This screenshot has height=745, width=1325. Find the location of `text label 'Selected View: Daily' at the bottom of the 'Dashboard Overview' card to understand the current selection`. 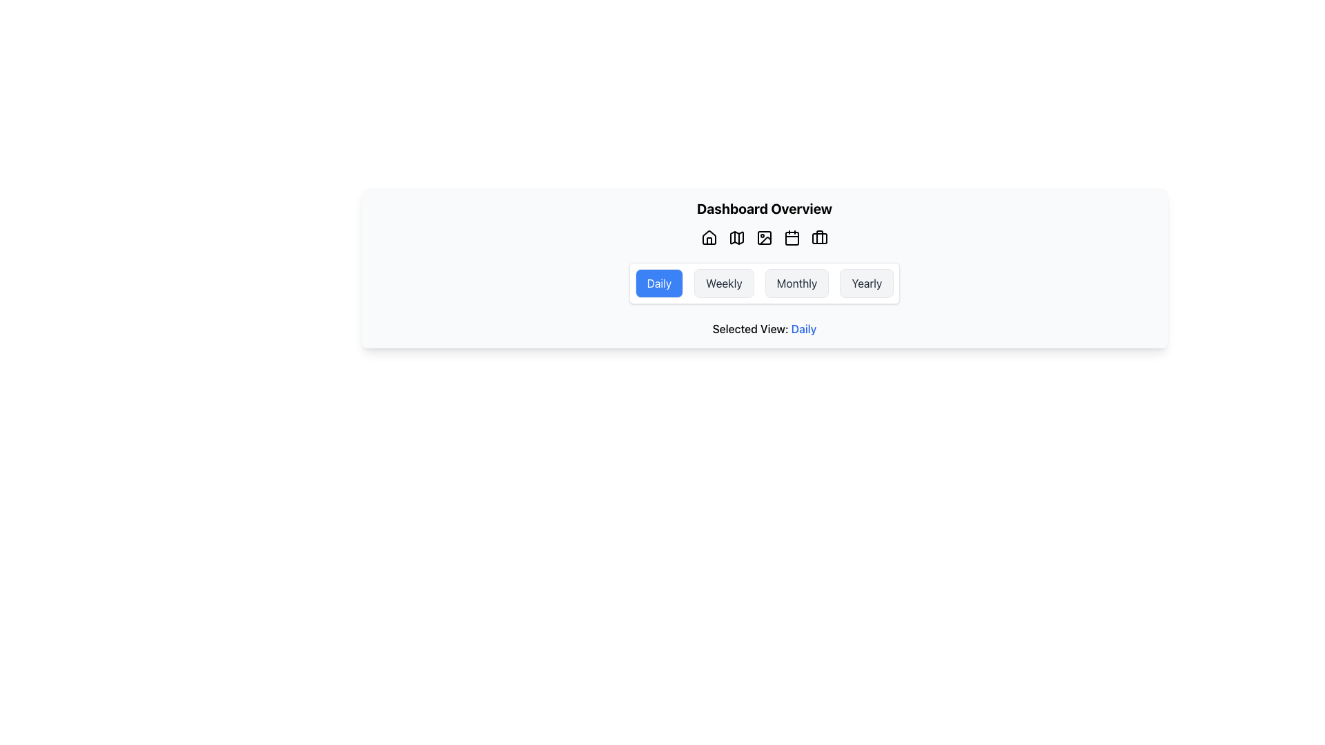

text label 'Selected View: Daily' at the bottom of the 'Dashboard Overview' card to understand the current selection is located at coordinates (764, 329).